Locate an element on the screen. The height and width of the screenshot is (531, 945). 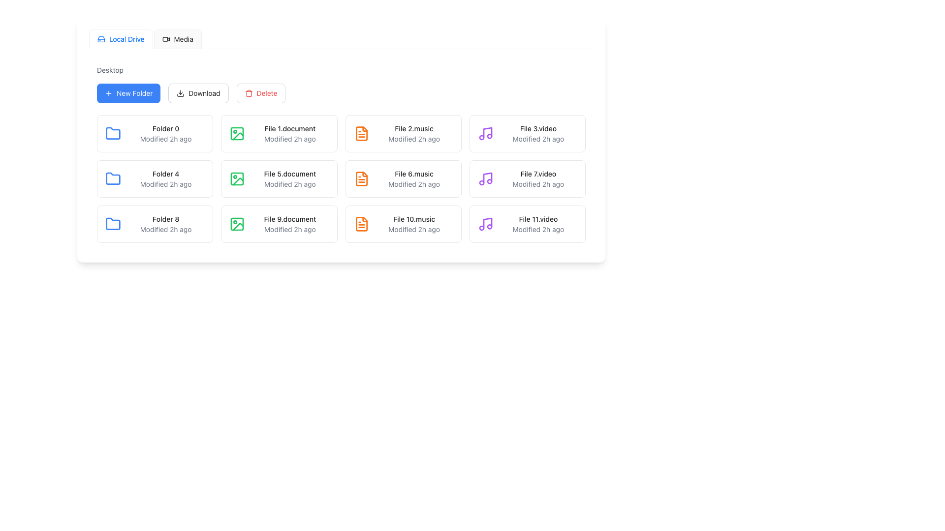
the 'Create New Folder' button located at the top of the 'Desktop' section is located at coordinates (128, 93).